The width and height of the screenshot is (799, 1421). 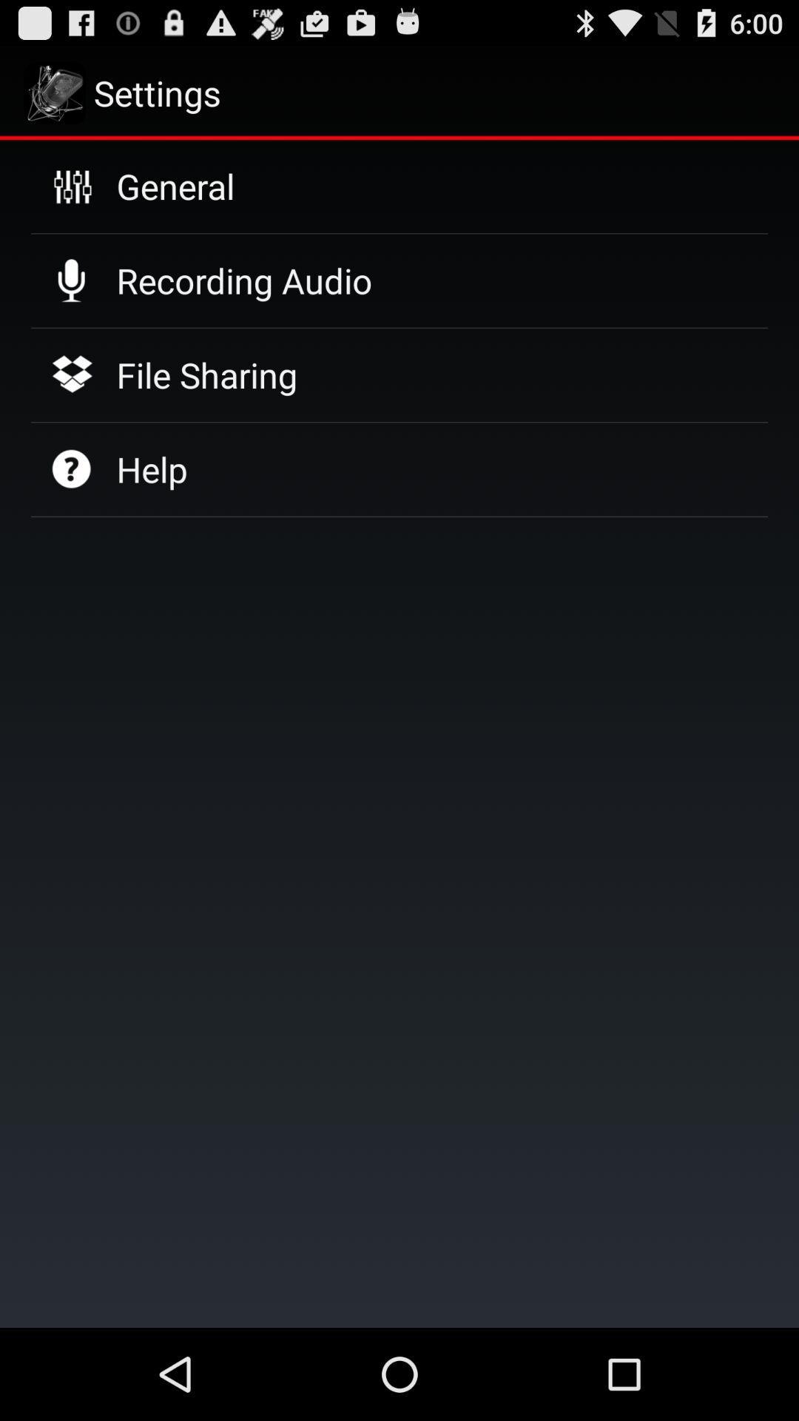 What do you see at coordinates (152, 468) in the screenshot?
I see `the item below file sharing` at bounding box center [152, 468].